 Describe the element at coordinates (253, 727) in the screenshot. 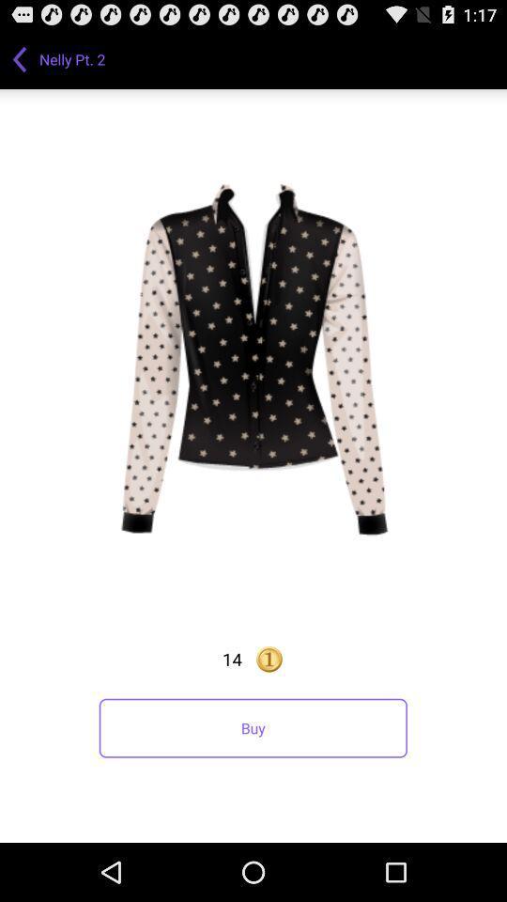

I see `the buy item` at that location.